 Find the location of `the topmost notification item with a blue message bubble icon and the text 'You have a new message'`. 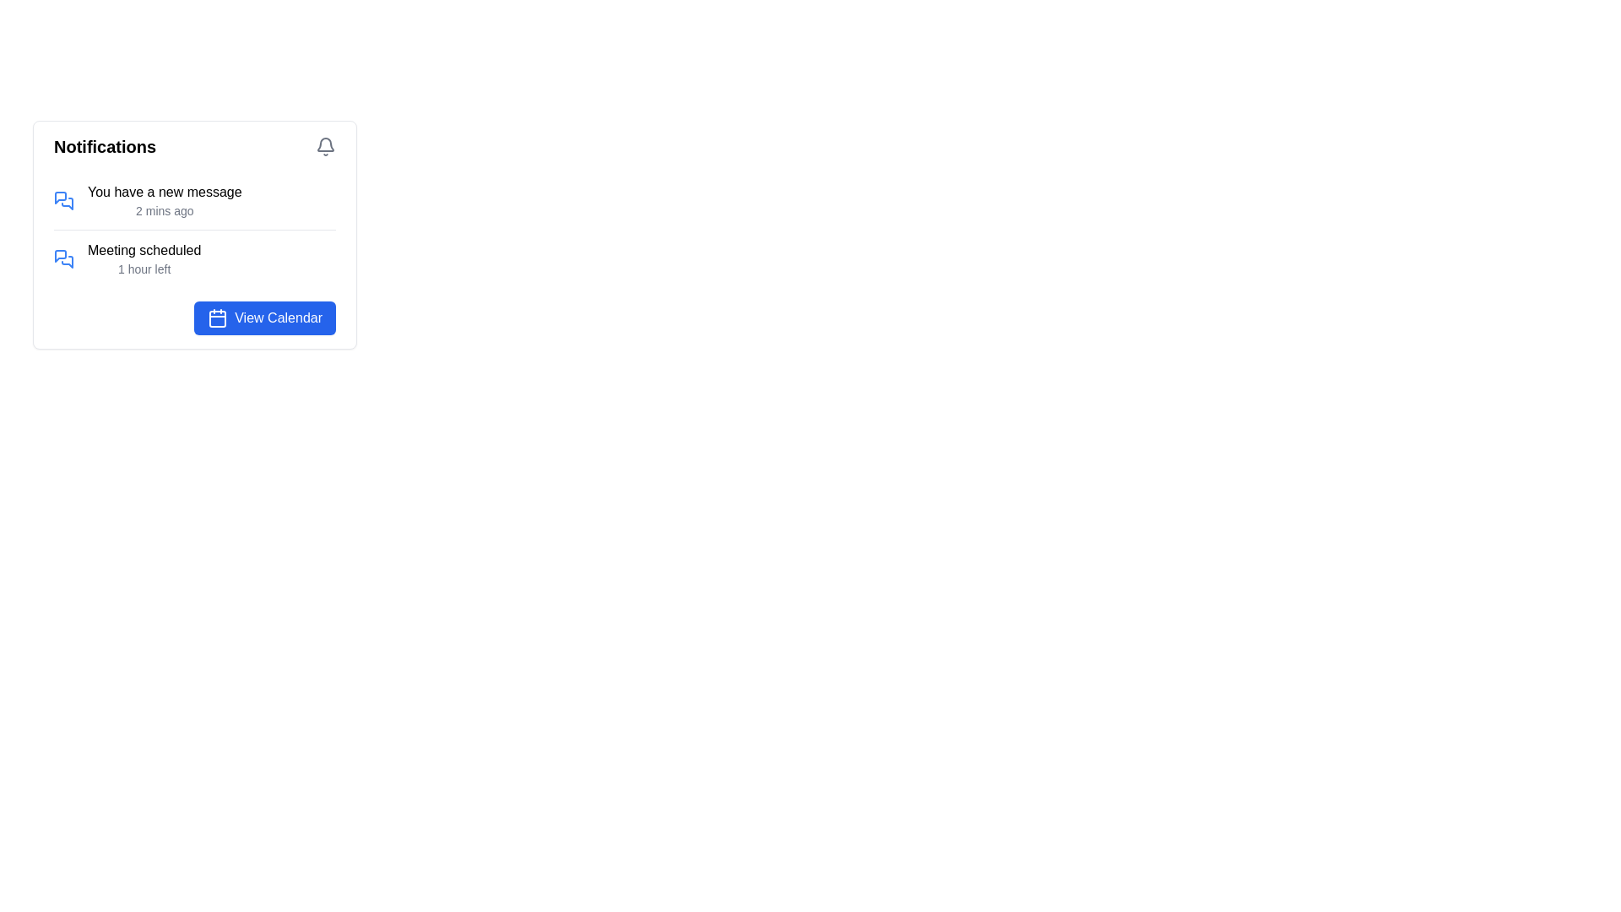

the topmost notification item with a blue message bubble icon and the text 'You have a new message' is located at coordinates (194, 200).